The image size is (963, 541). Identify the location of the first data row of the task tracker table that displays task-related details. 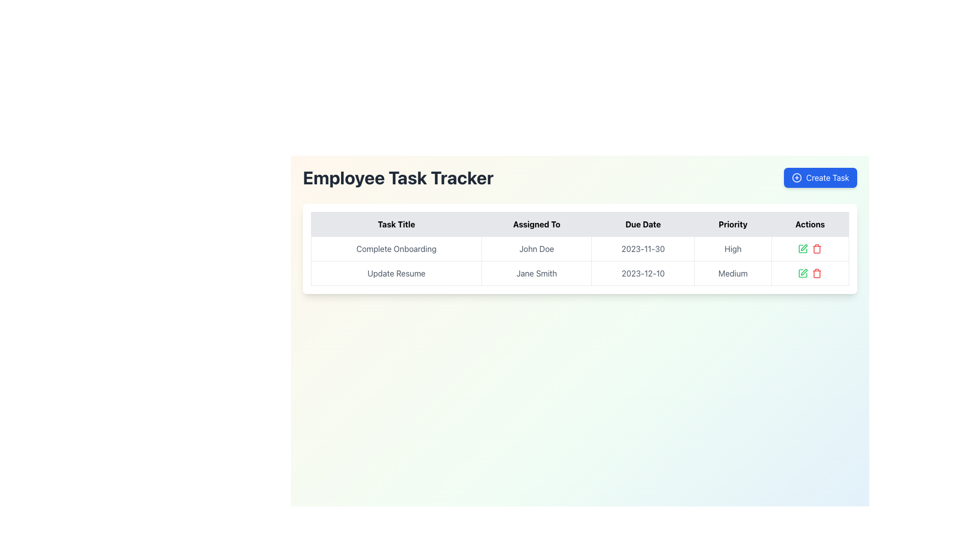
(580, 248).